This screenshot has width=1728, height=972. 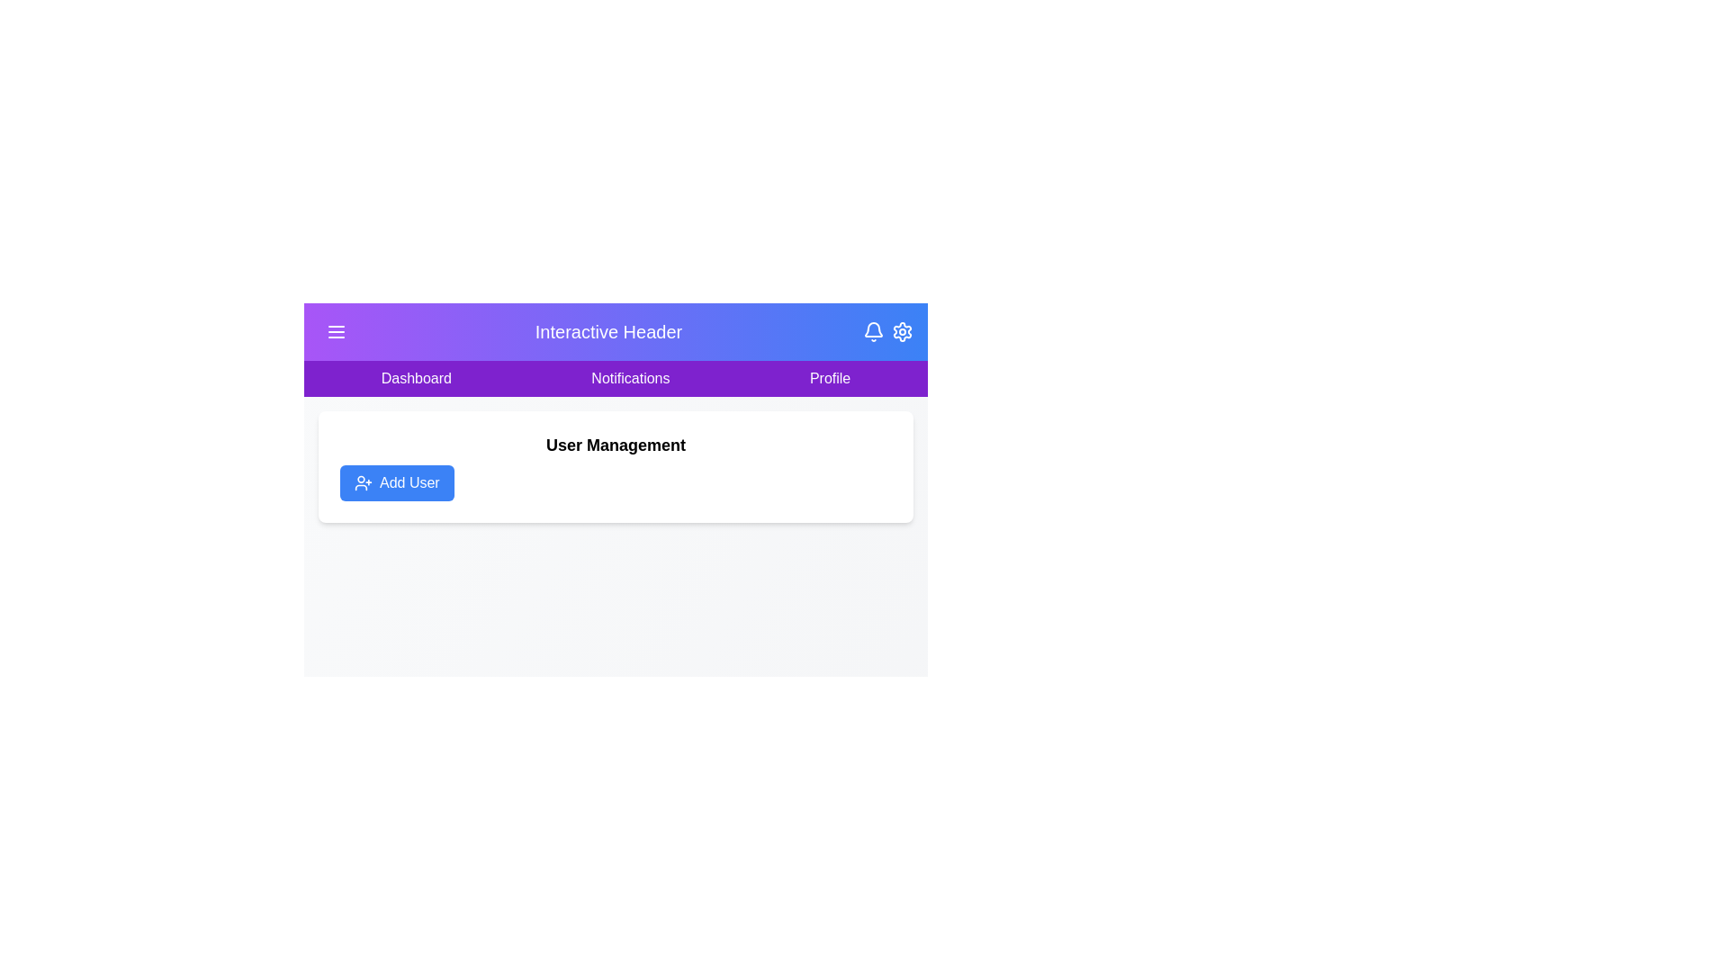 What do you see at coordinates (630, 377) in the screenshot?
I see `the Notifications tab to navigate to the respective section` at bounding box center [630, 377].